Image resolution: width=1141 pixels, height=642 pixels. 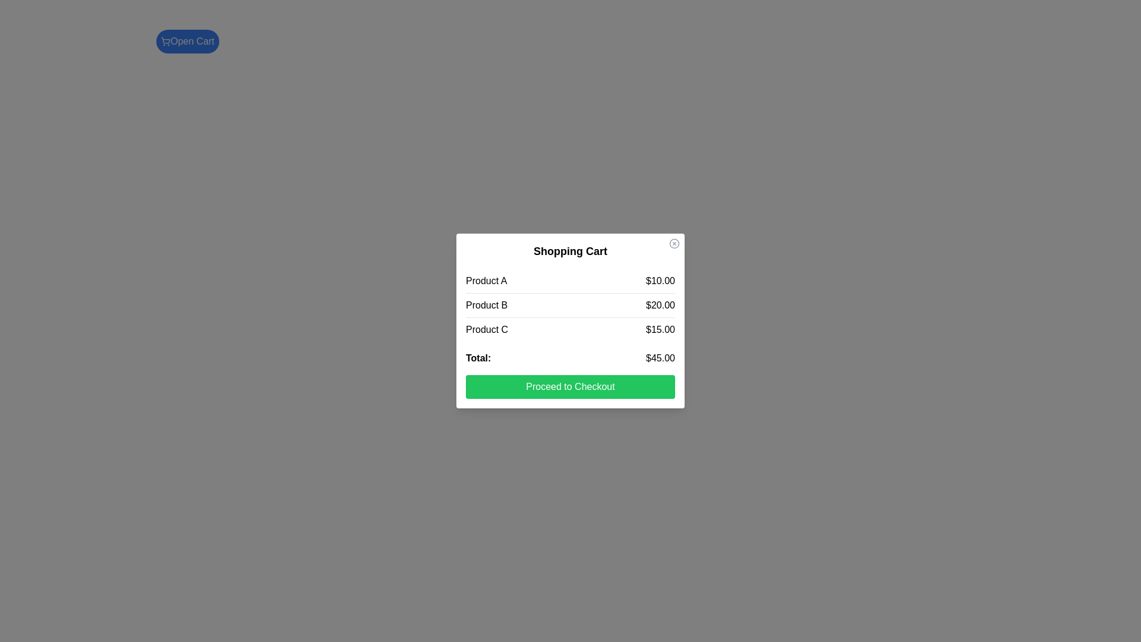 What do you see at coordinates (660, 330) in the screenshot?
I see `the price text label for 'Product C' in the shopping cart interface, located in the third row and near the bottom-right corner of the modal` at bounding box center [660, 330].